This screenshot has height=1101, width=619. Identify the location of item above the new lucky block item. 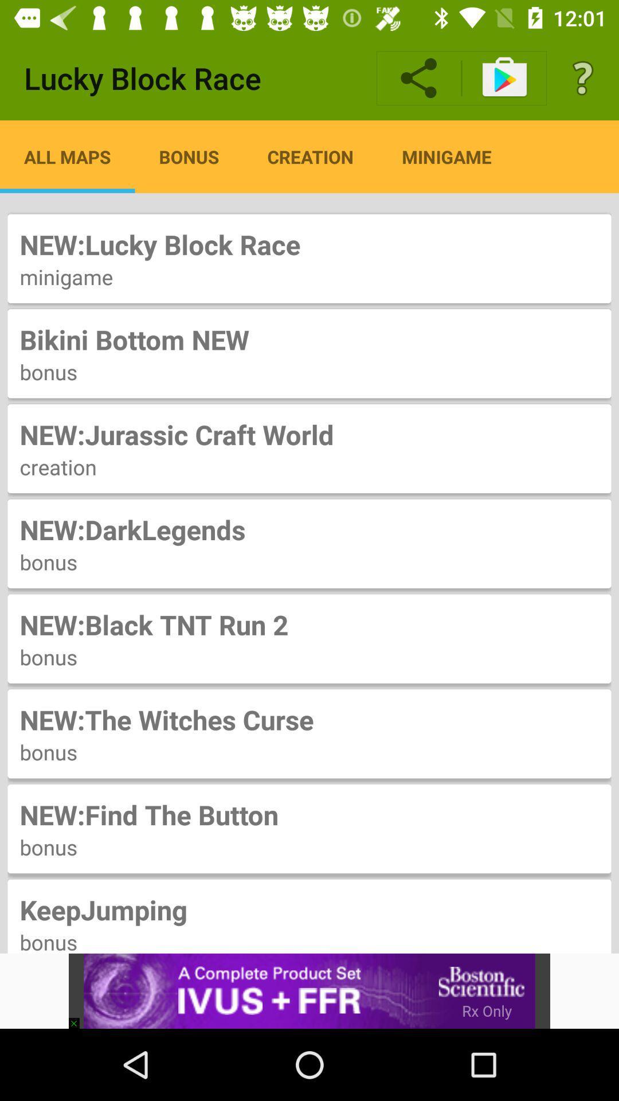
(583, 77).